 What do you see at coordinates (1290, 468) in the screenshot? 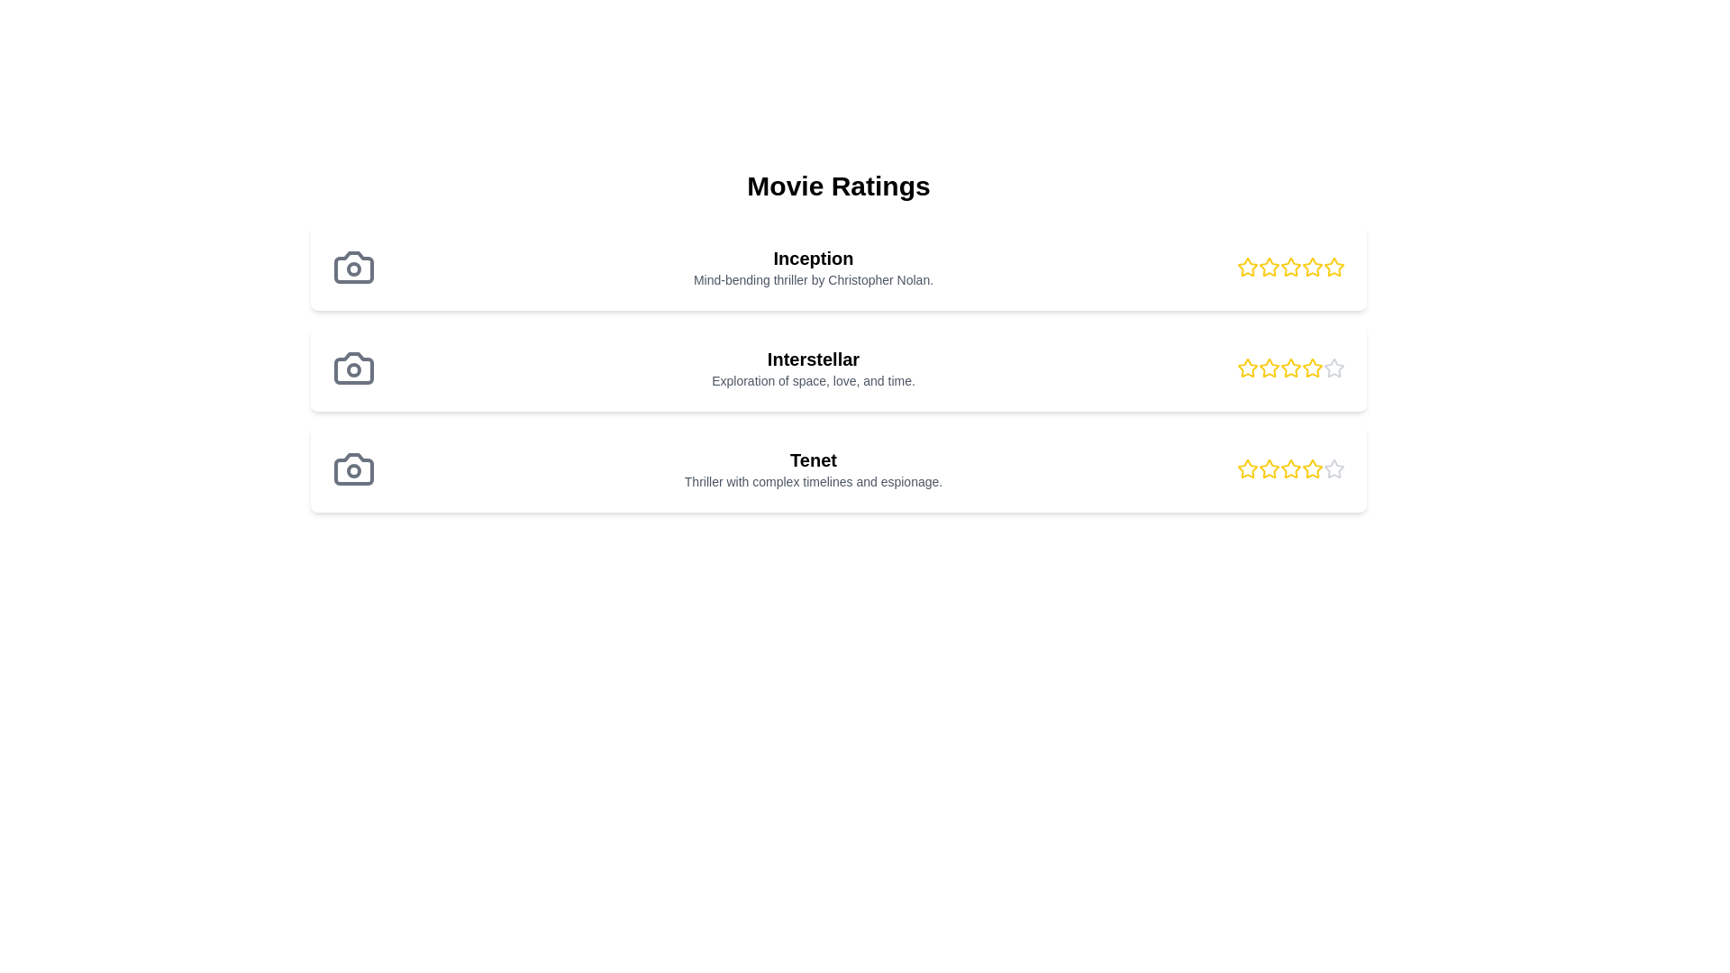
I see `the third star` at bounding box center [1290, 468].